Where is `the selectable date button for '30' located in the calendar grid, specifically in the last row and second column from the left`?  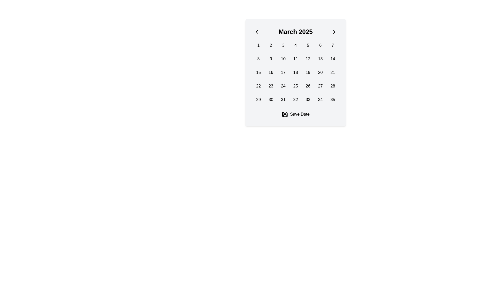
the selectable date button for '30' located in the calendar grid, specifically in the last row and second column from the left is located at coordinates (271, 99).